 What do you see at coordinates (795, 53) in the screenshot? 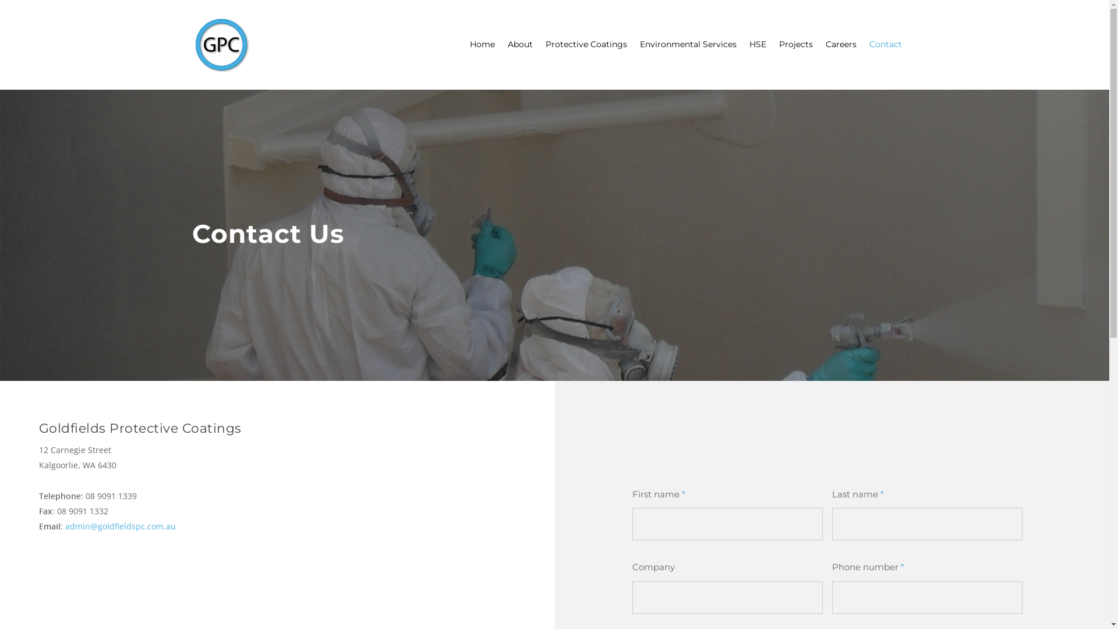
I see `'Projects'` at bounding box center [795, 53].